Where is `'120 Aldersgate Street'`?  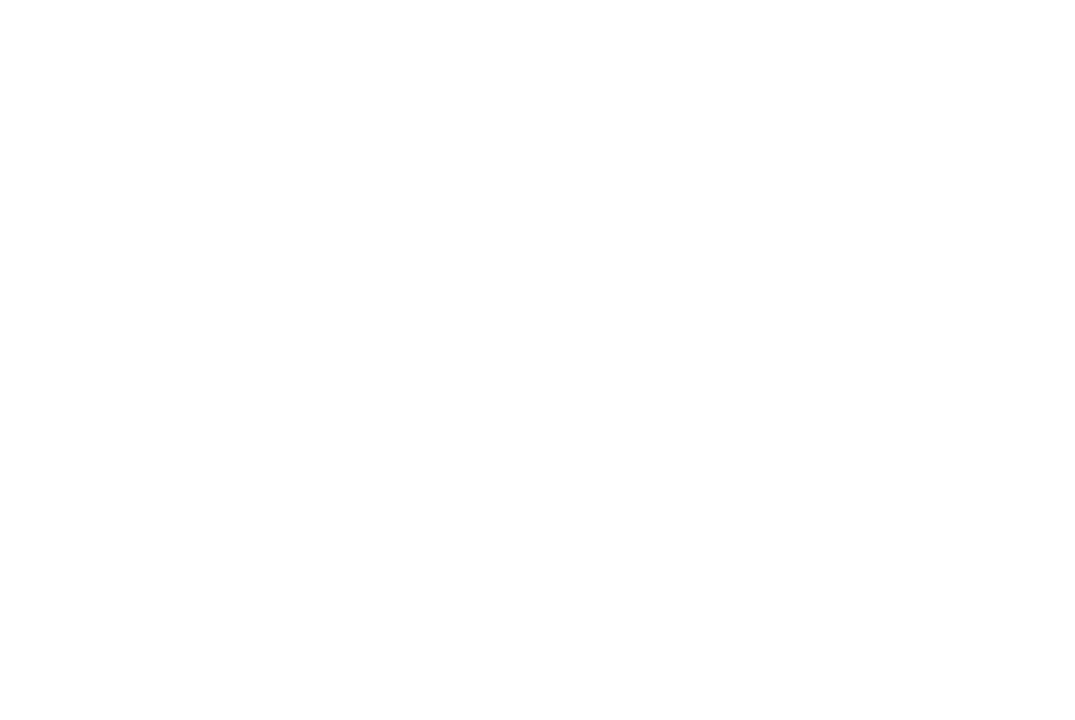
'120 Aldersgate Street' is located at coordinates (821, 327).